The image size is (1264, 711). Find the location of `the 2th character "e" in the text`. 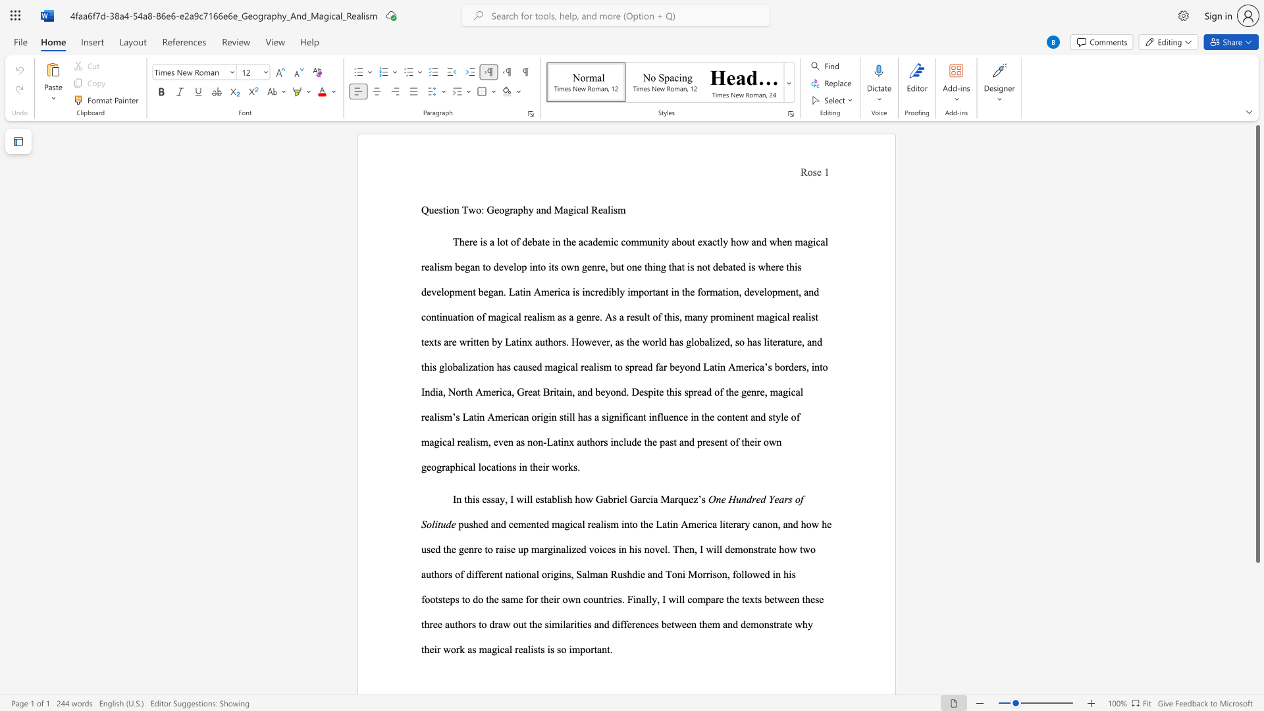

the 2th character "e" in the text is located at coordinates (774, 549).